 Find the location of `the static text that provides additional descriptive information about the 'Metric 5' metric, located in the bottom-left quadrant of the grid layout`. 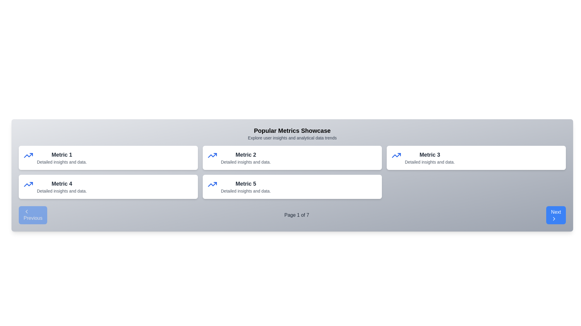

the static text that provides additional descriptive information about the 'Metric 5' metric, located in the bottom-left quadrant of the grid layout is located at coordinates (246, 191).